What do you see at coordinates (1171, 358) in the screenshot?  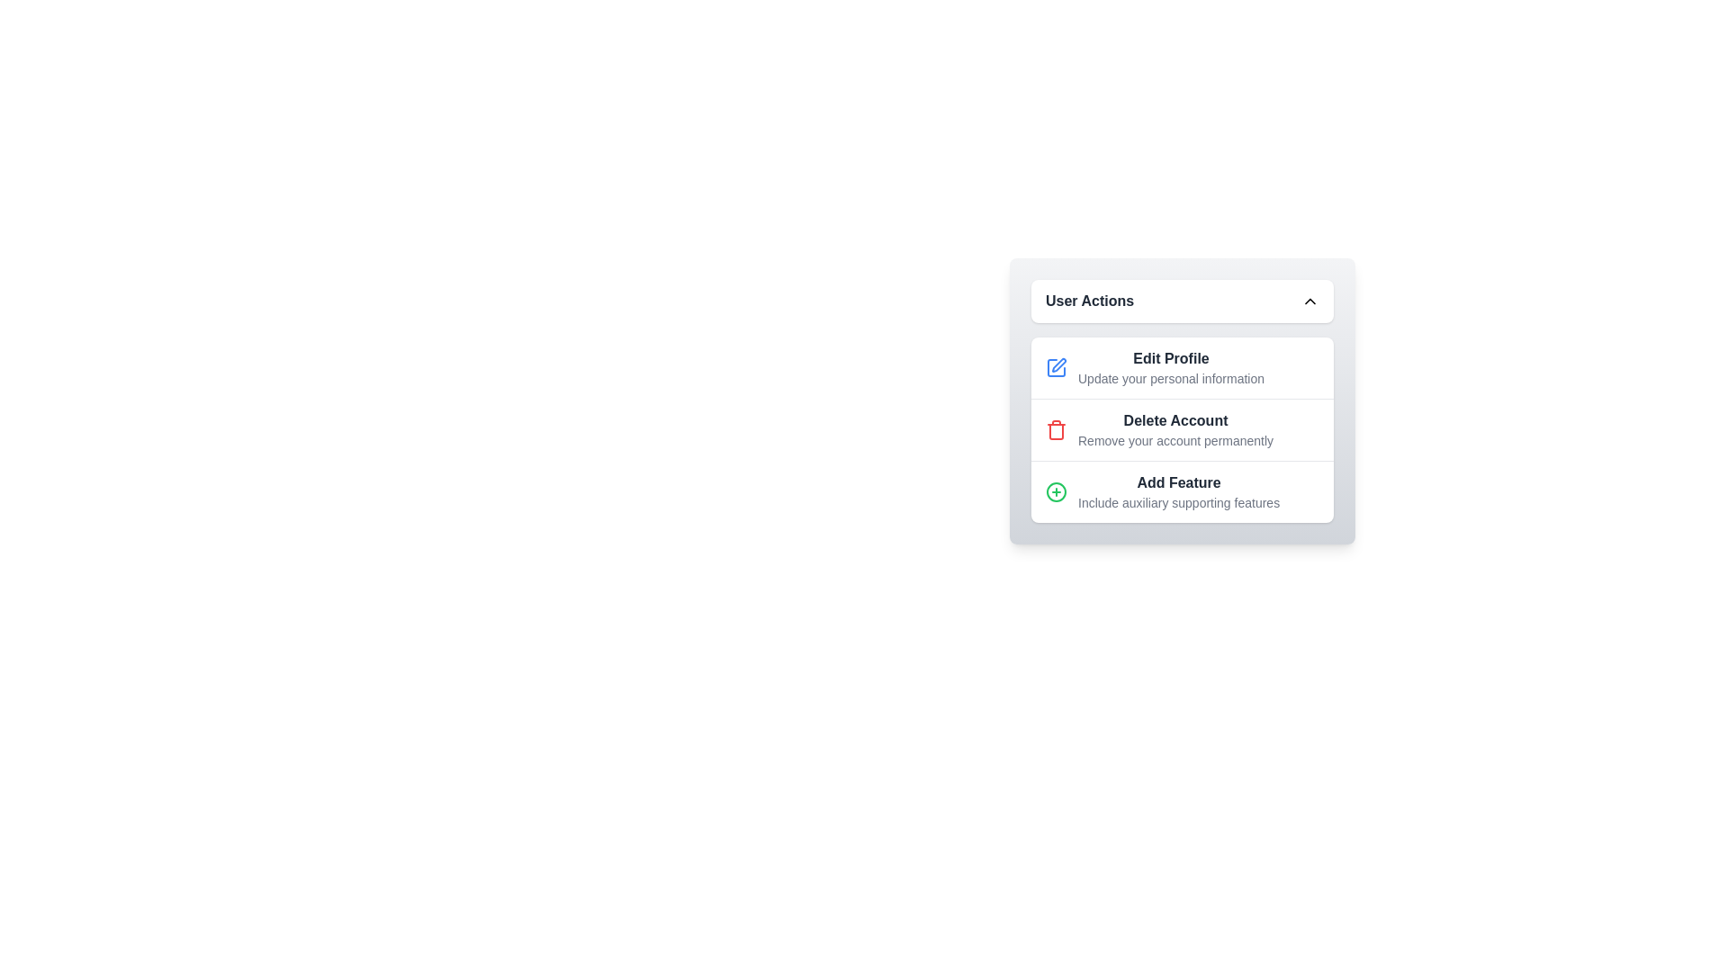 I see `the 'Edit Profile' title text label in the 'User Actions' panel, which serves as an identification for the related functionality` at bounding box center [1171, 358].